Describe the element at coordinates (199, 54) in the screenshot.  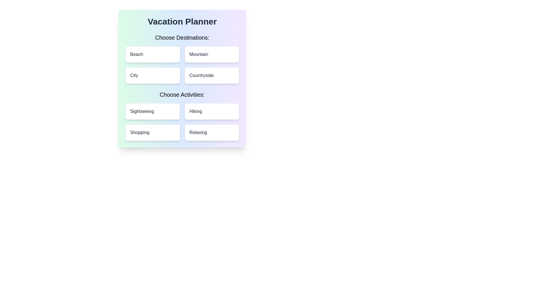
I see `text displayed on the 'Mountain' text label within the interactive card in the 'Choose Destinations' section` at that location.